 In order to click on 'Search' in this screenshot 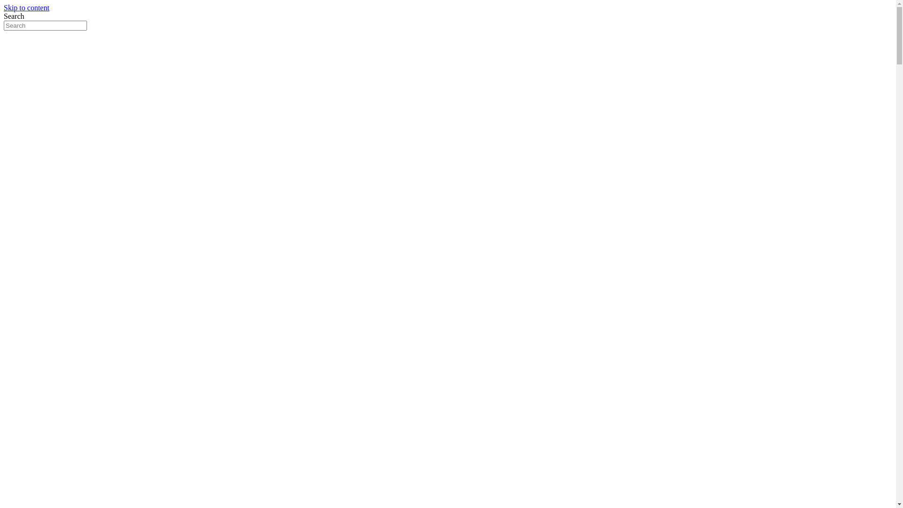, I will do `click(45, 25)`.